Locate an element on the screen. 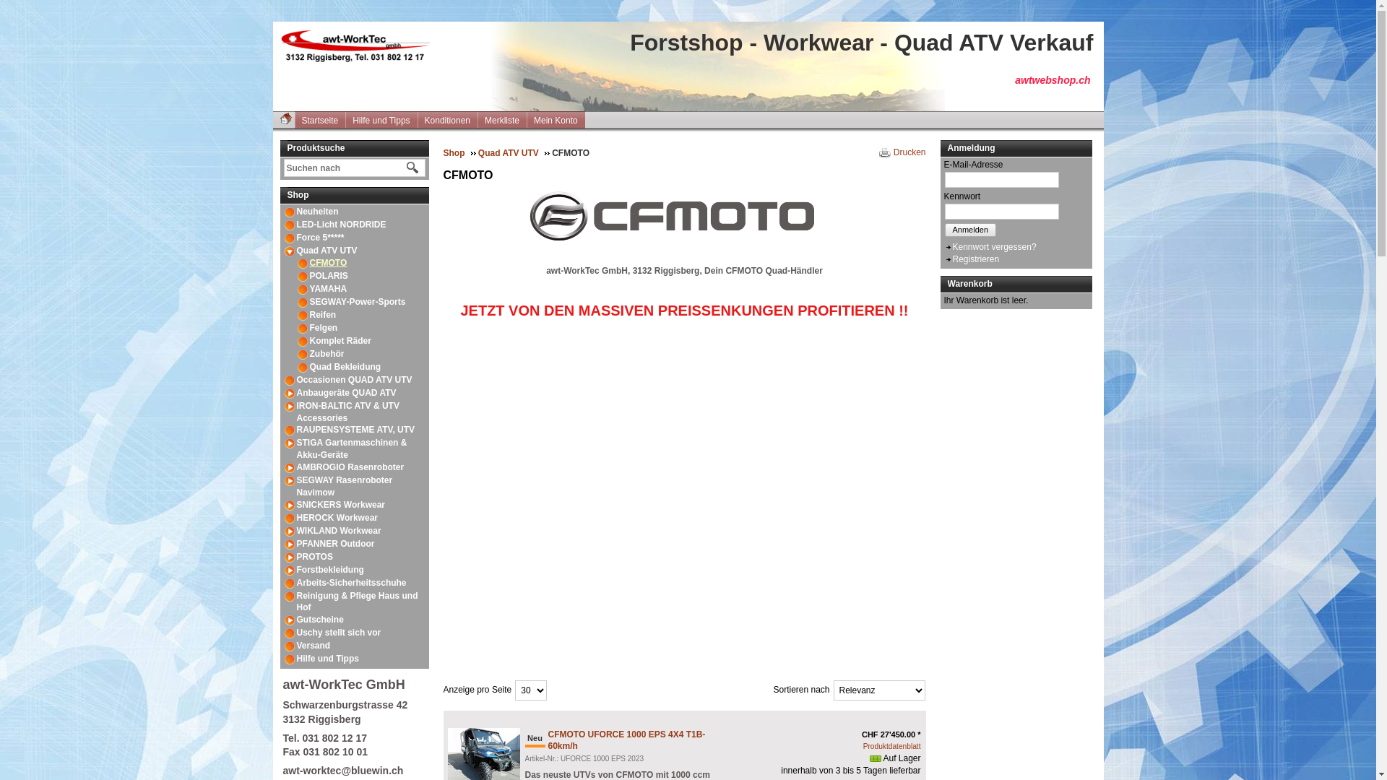  'CFMOTO' is located at coordinates (328, 262).